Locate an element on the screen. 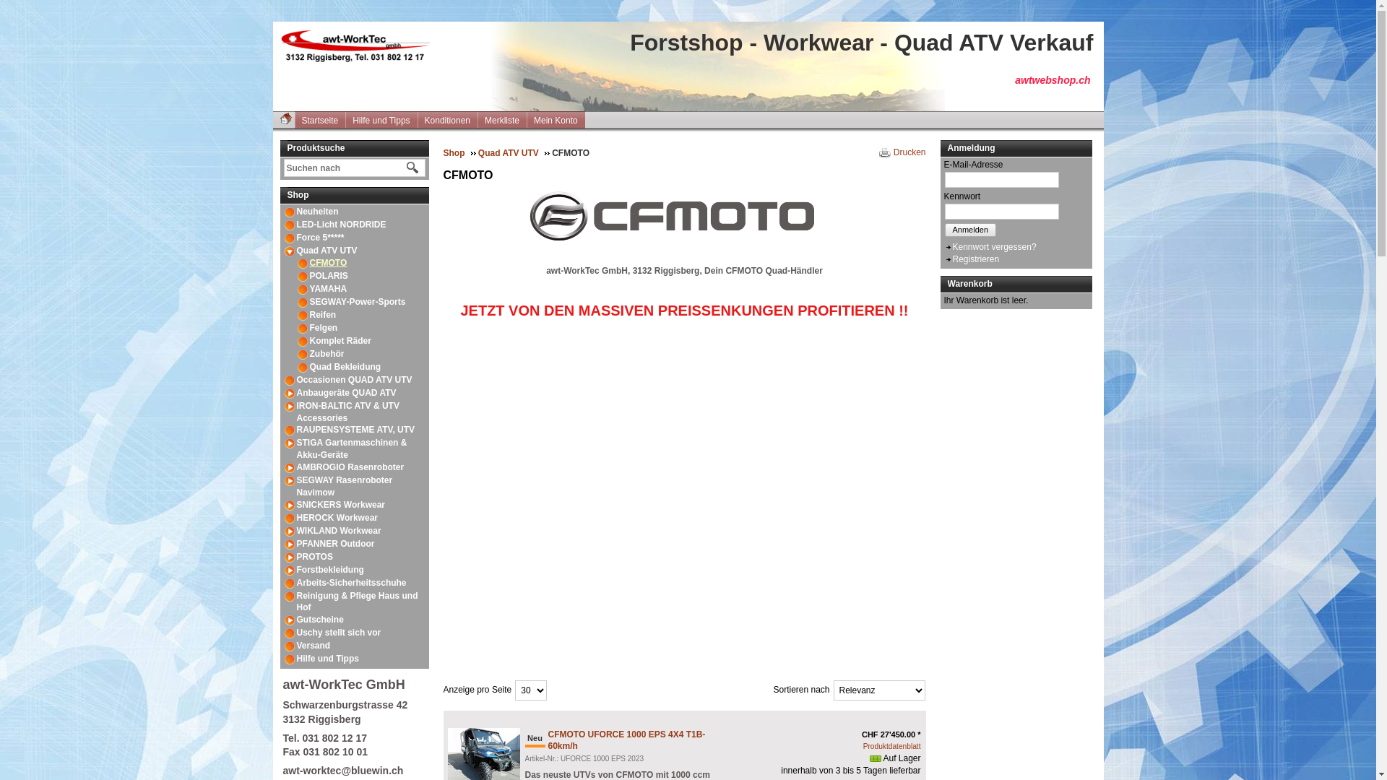  'CFMOTO' is located at coordinates (328, 262).